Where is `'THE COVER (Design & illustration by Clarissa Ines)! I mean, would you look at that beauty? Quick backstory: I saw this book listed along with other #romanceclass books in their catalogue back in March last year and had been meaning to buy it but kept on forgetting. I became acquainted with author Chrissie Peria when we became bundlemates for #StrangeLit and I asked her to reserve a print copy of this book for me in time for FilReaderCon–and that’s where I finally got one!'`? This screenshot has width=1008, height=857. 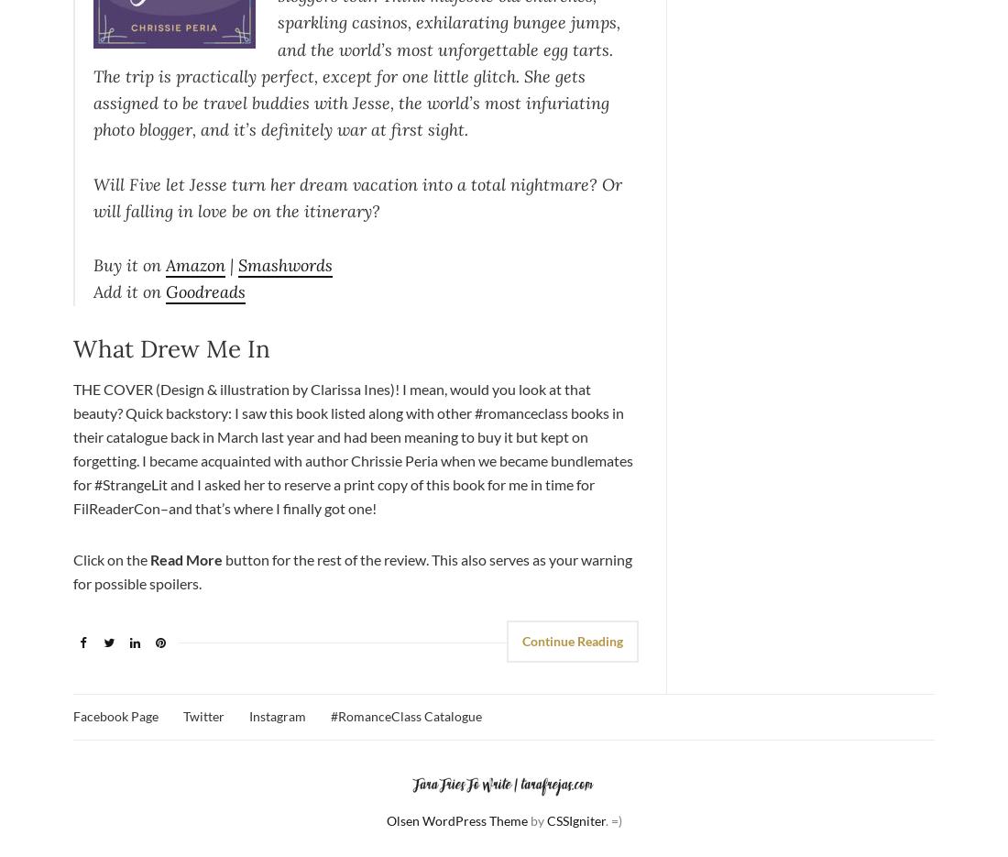 'THE COVER (Design & illustration by Clarissa Ines)! I mean, would you look at that beauty? Quick backstory: I saw this book listed along with other #romanceclass books in their catalogue back in March last year and had been meaning to buy it but kept on forgetting. I became acquainted with author Chrissie Peria when we became bundlemates for #StrangeLit and I asked her to reserve a print copy of this book for me in time for FilReaderCon–and that’s where I finally got one!' is located at coordinates (353, 447).